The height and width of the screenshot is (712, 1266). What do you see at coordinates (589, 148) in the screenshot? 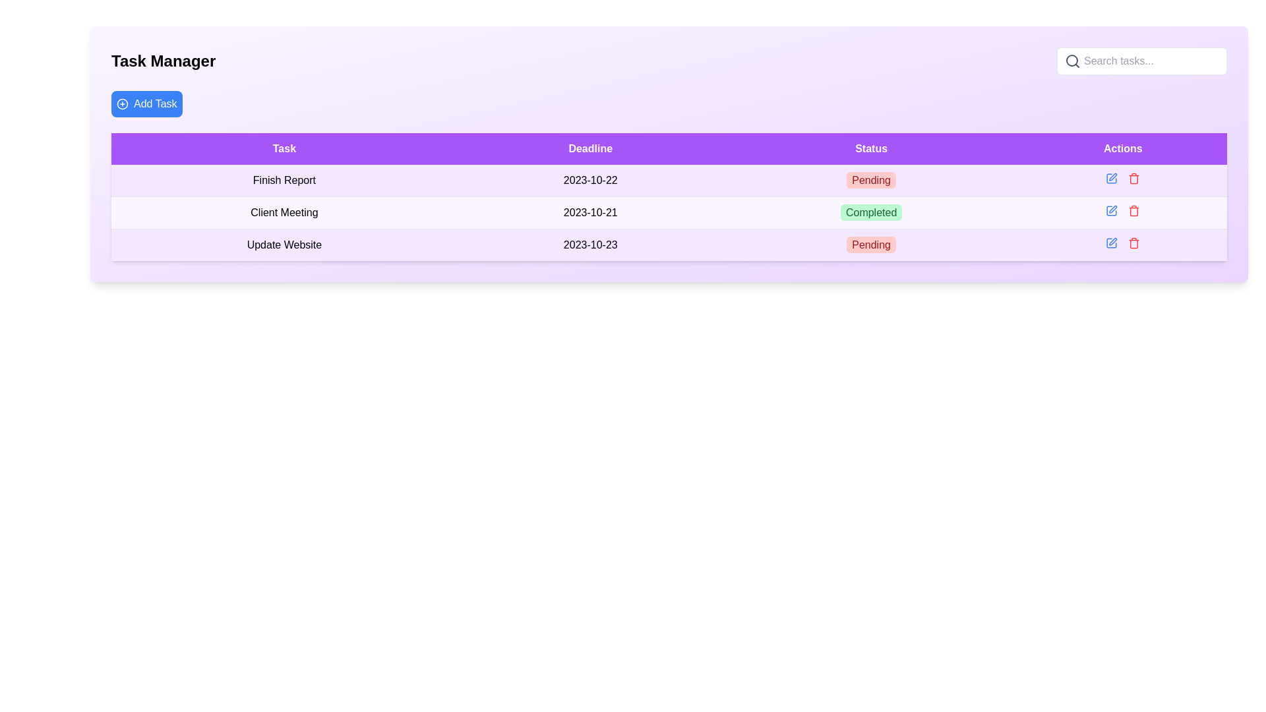
I see `label of the Table header cell with a purple background and white text that reads 'Deadline', which is the second cell in the header row of the table` at bounding box center [589, 148].